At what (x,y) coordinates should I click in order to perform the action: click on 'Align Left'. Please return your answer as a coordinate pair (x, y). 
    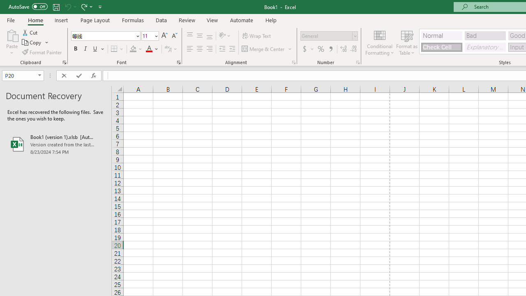
    Looking at the image, I should click on (189, 49).